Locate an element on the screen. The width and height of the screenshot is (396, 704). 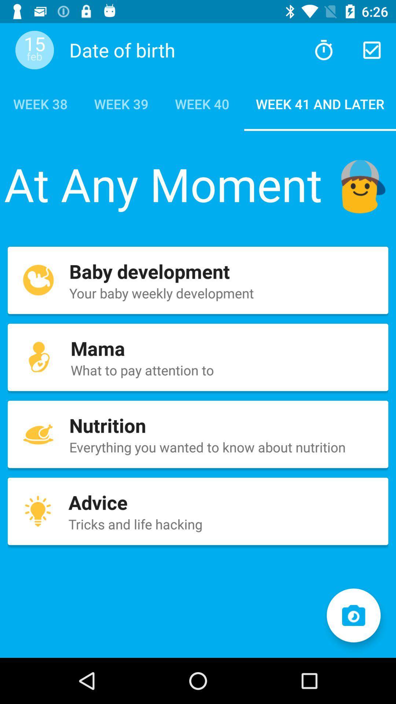
alarm is located at coordinates (323, 49).